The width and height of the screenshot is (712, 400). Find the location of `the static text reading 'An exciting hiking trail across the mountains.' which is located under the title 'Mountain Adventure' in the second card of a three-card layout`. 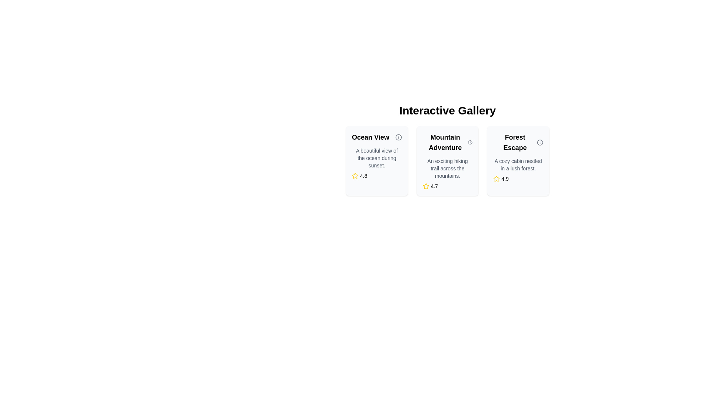

the static text reading 'An exciting hiking trail across the mountains.' which is located under the title 'Mountain Adventure' in the second card of a three-card layout is located at coordinates (447, 169).